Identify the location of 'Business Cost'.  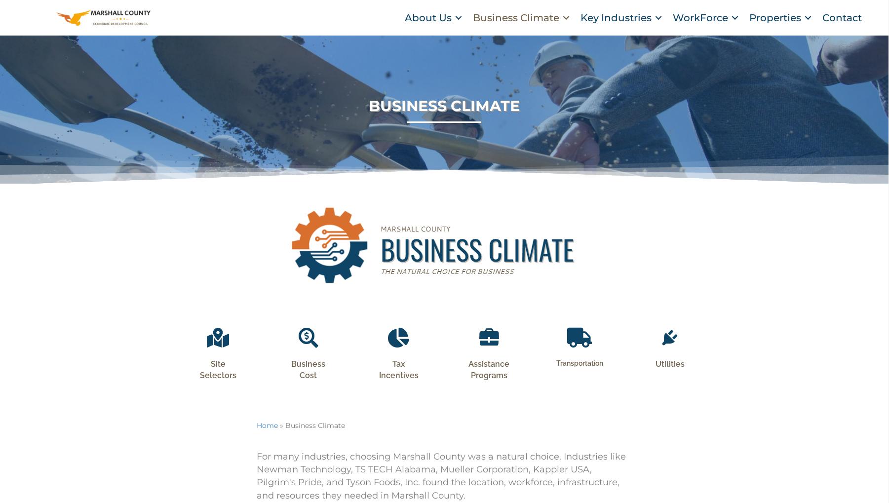
(308, 382).